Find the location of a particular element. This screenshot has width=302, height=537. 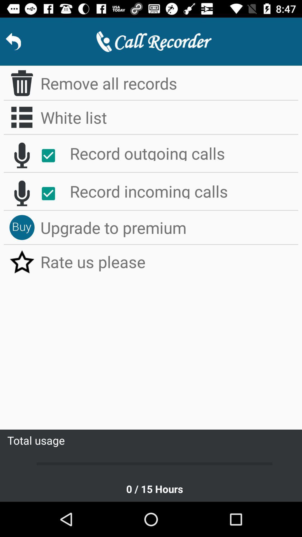

record outgoing calls toggle is located at coordinates (51, 156).